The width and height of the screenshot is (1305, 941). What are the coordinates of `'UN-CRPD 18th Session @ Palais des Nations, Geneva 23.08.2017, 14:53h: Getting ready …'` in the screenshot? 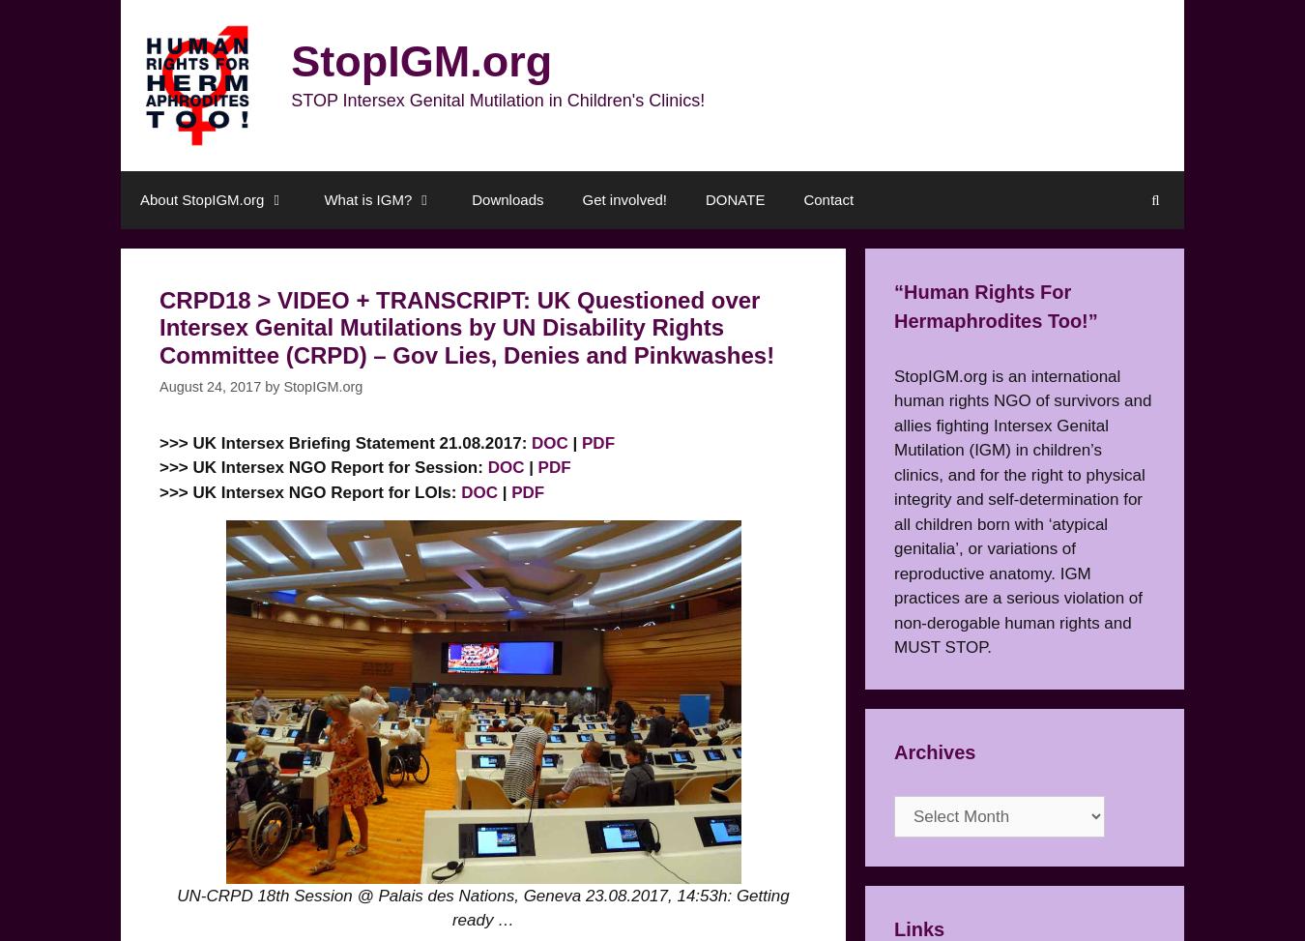 It's located at (481, 906).